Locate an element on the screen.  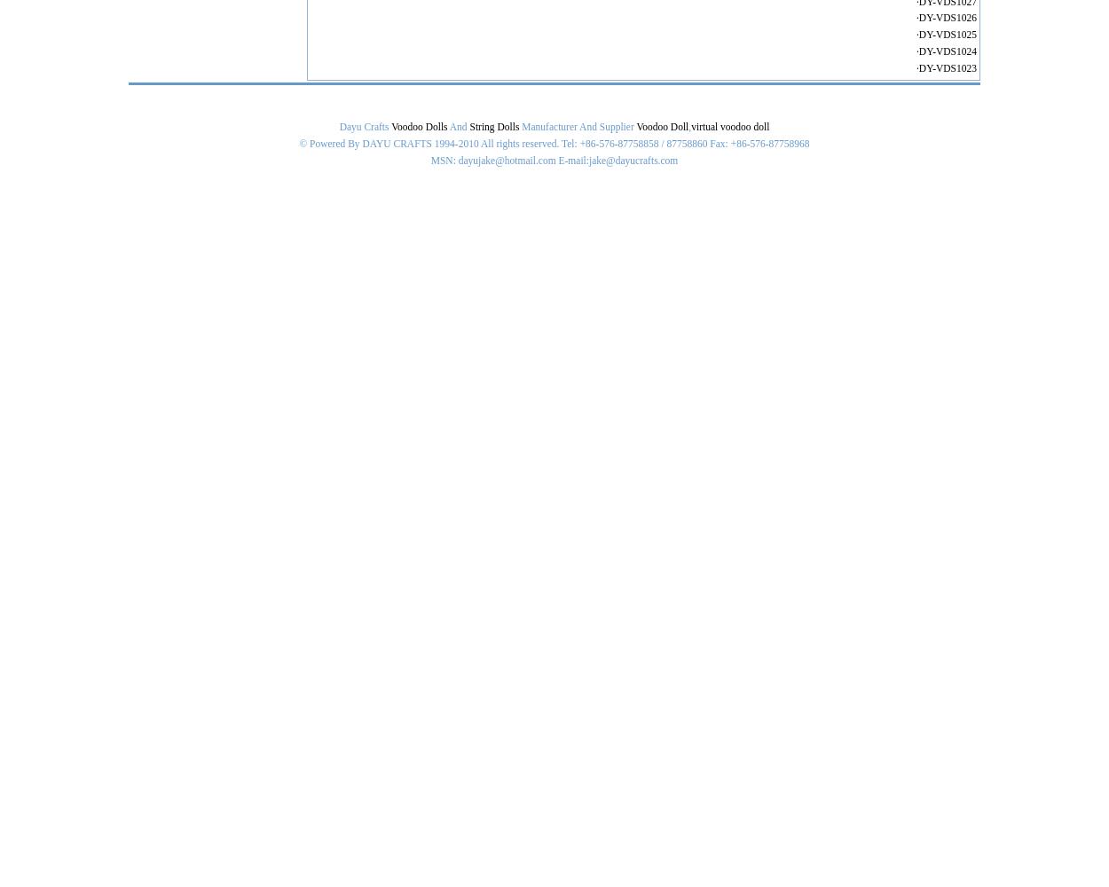
'Dayu Crafts' is located at coordinates (339, 127).